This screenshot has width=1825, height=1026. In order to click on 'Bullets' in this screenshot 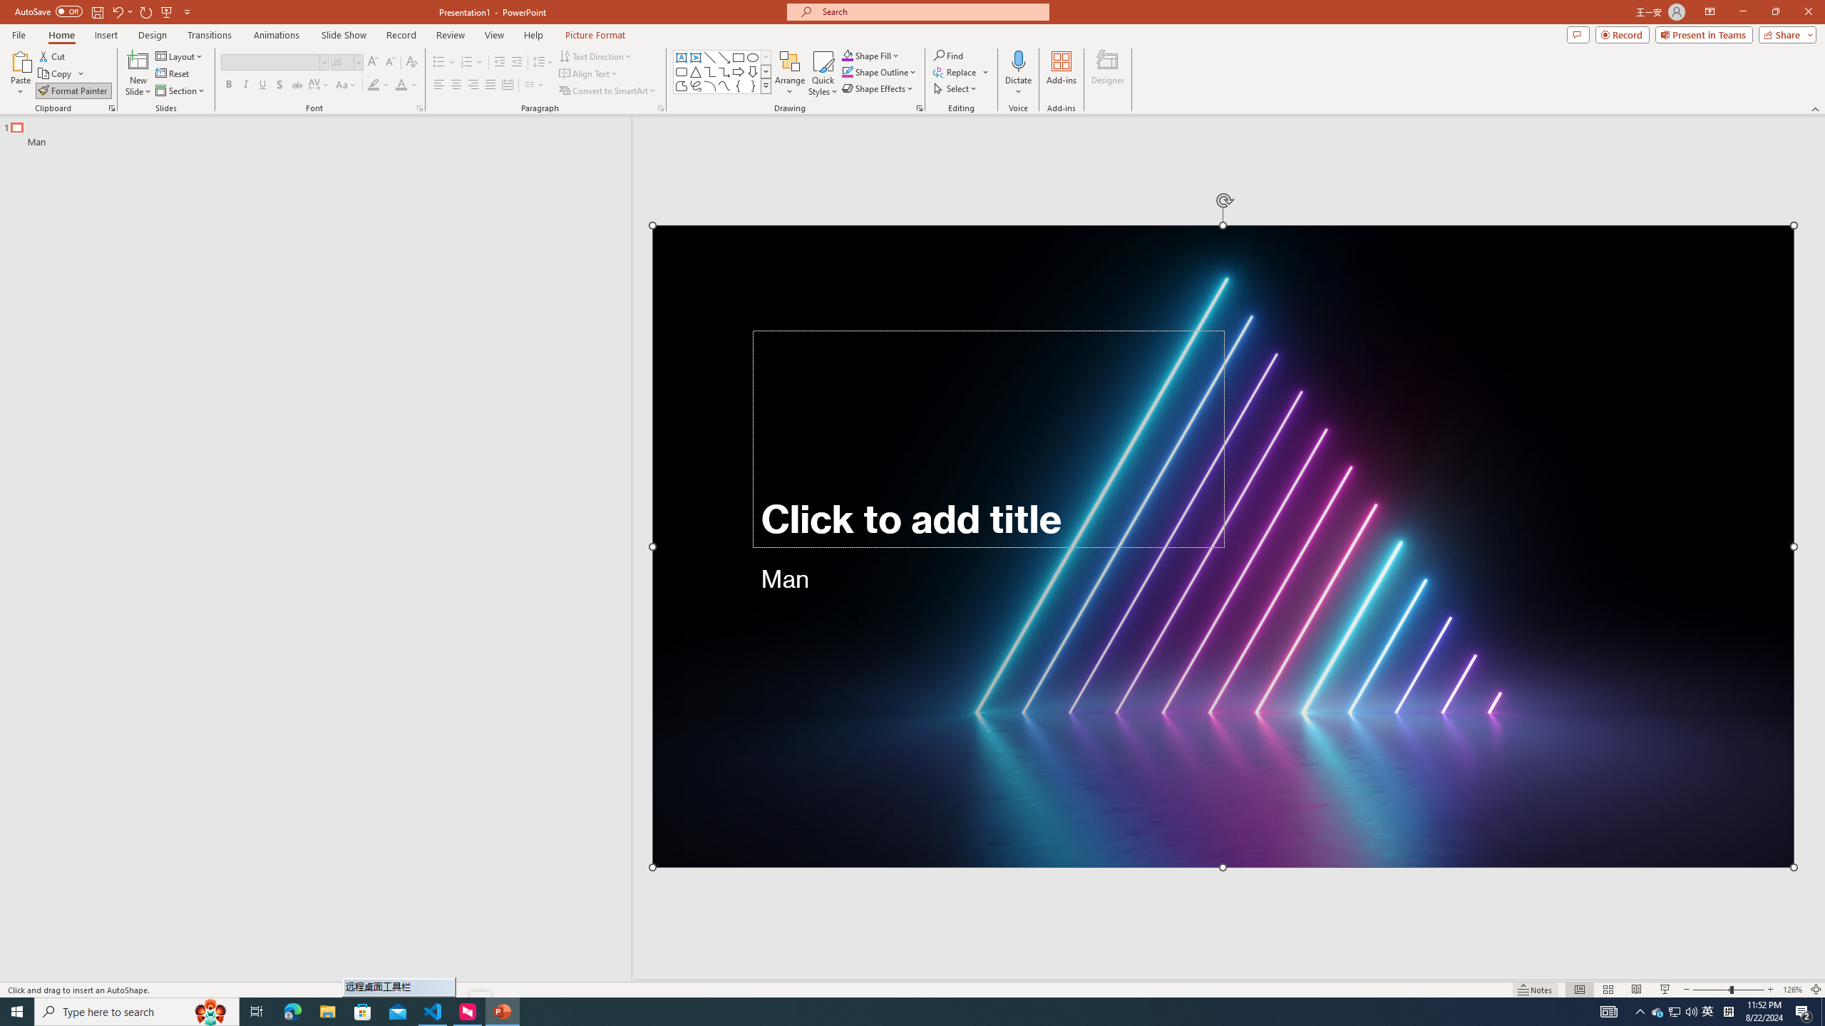, I will do `click(438, 62)`.